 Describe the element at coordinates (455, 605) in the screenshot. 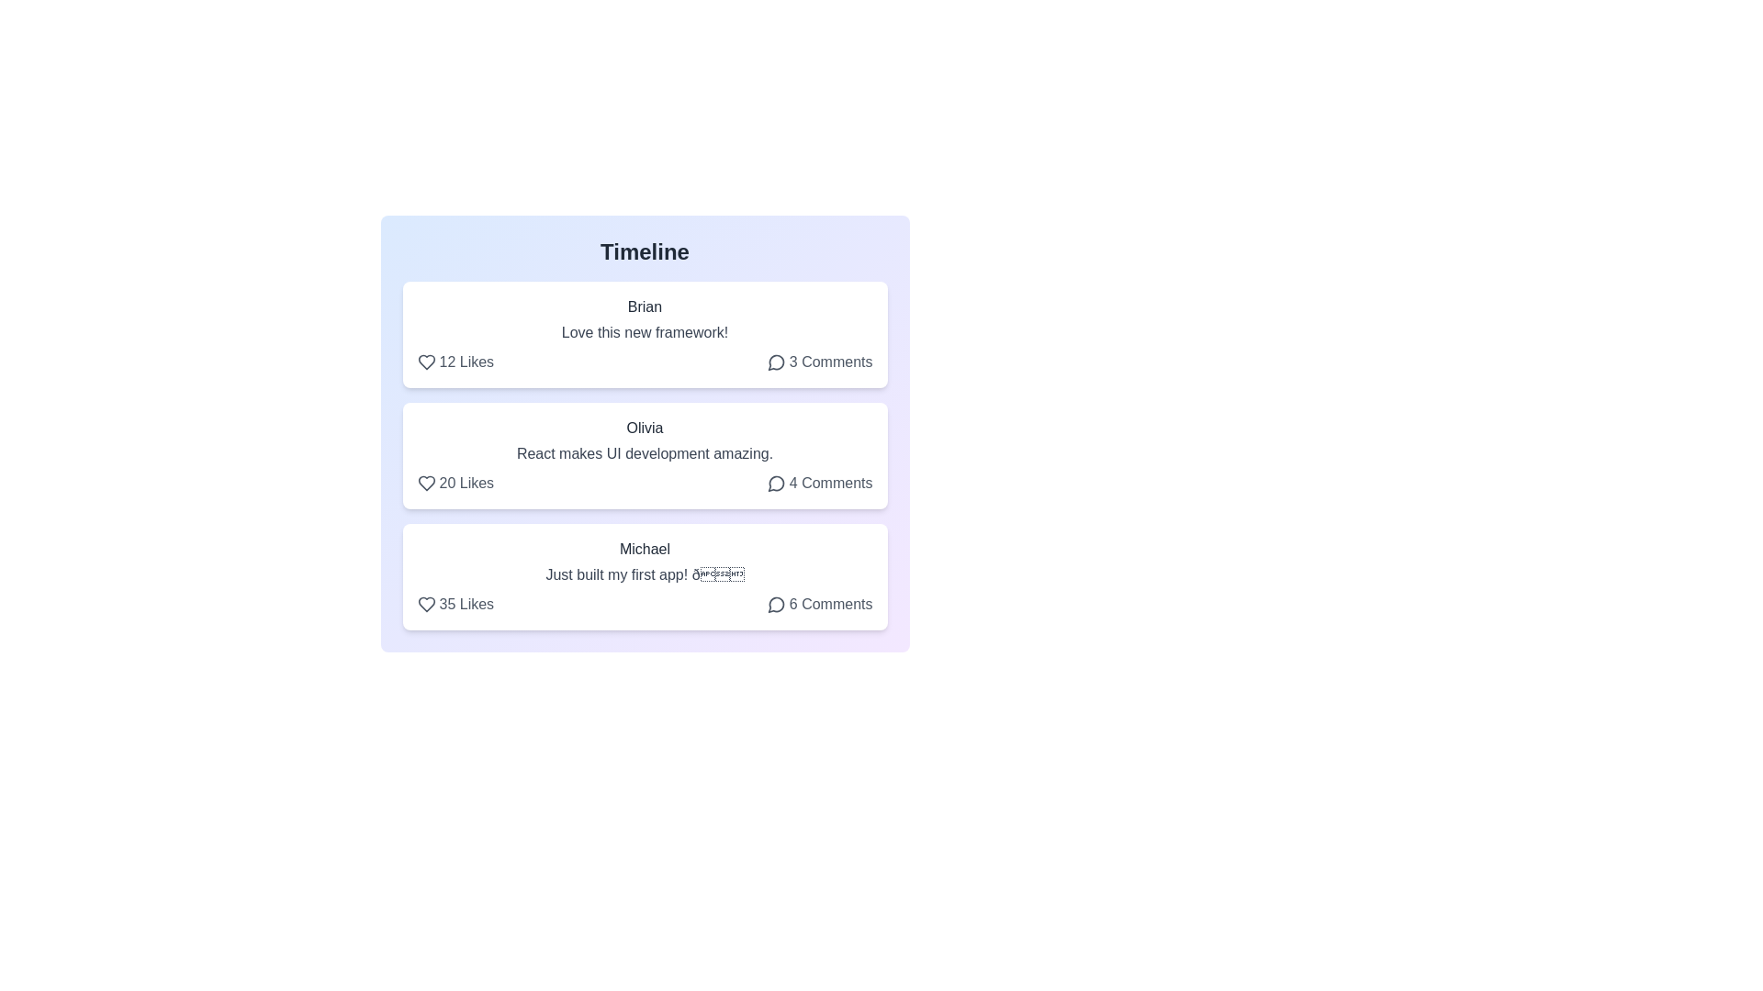

I see `Like button for the post by Michael` at that location.